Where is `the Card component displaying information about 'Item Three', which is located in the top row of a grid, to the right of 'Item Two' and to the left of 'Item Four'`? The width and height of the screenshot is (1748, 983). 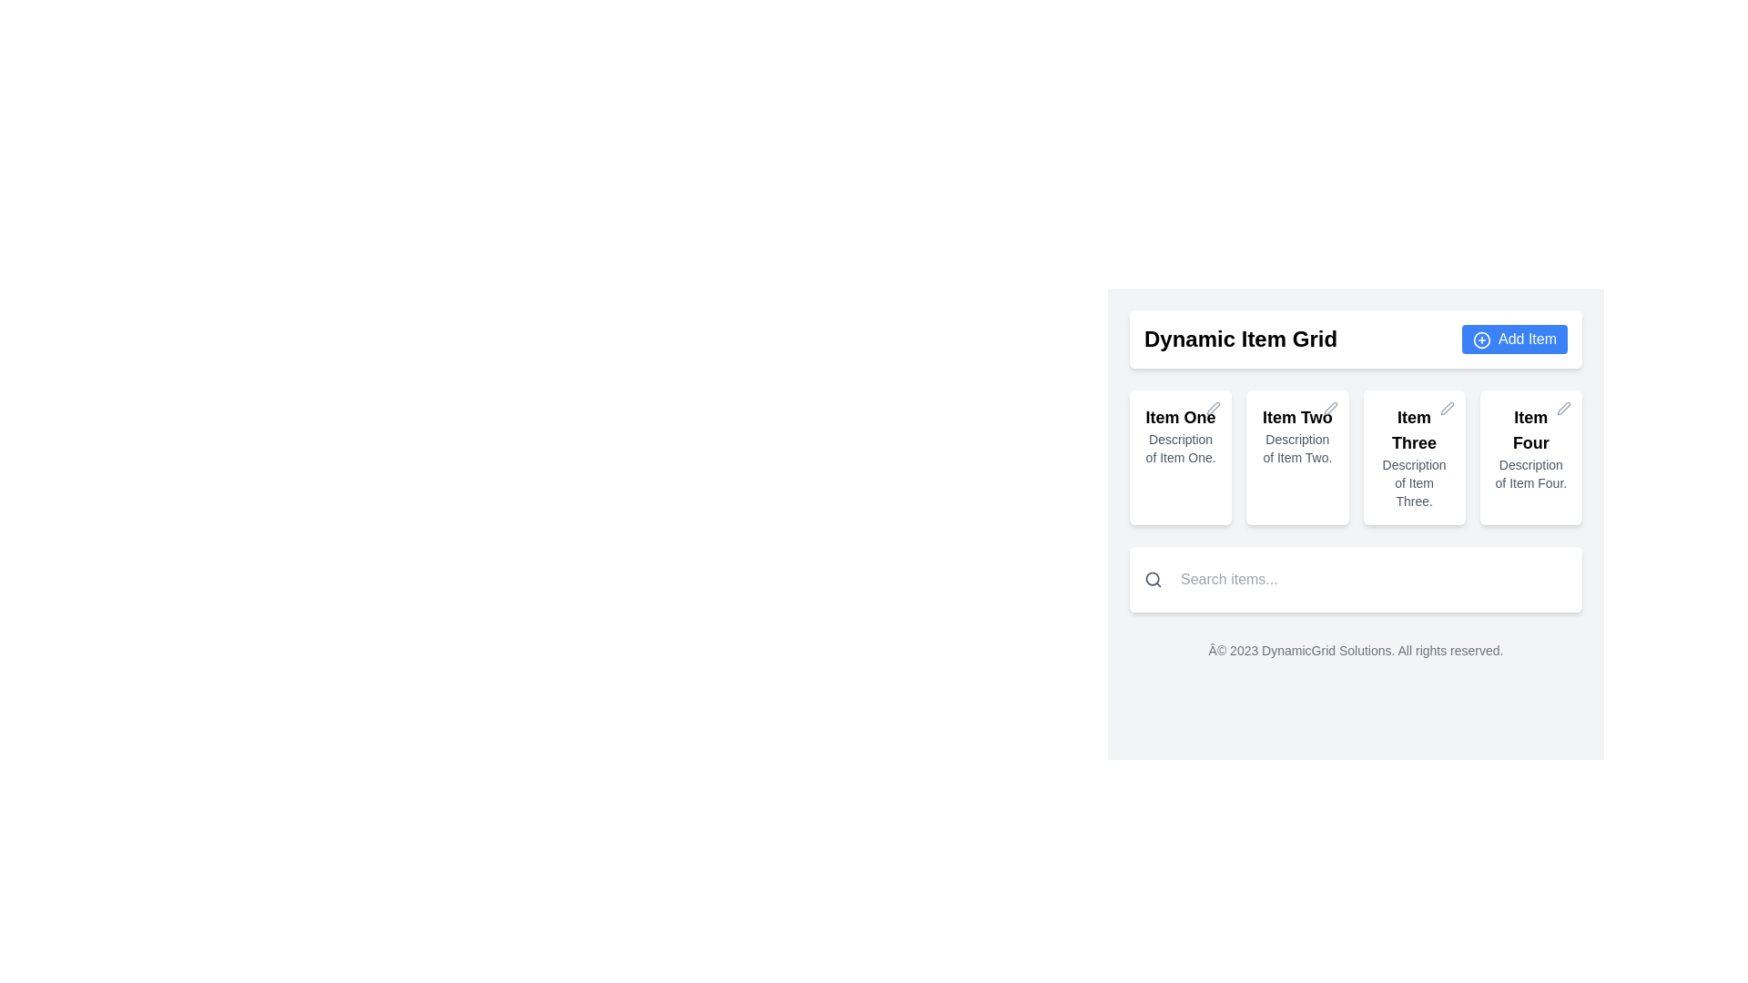
the Card component displaying information about 'Item Three', which is located in the top row of a grid, to the right of 'Item Two' and to the left of 'Item Four' is located at coordinates (1413, 456).